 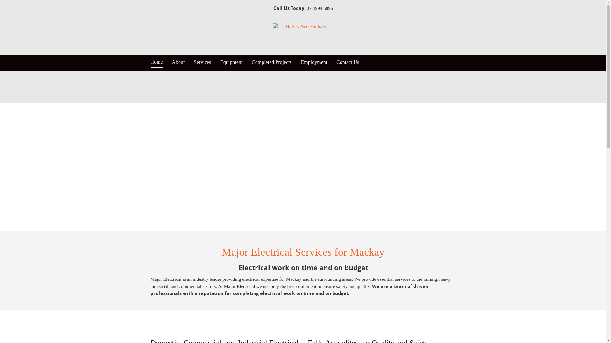 What do you see at coordinates (231, 63) in the screenshot?
I see `'Equipment'` at bounding box center [231, 63].